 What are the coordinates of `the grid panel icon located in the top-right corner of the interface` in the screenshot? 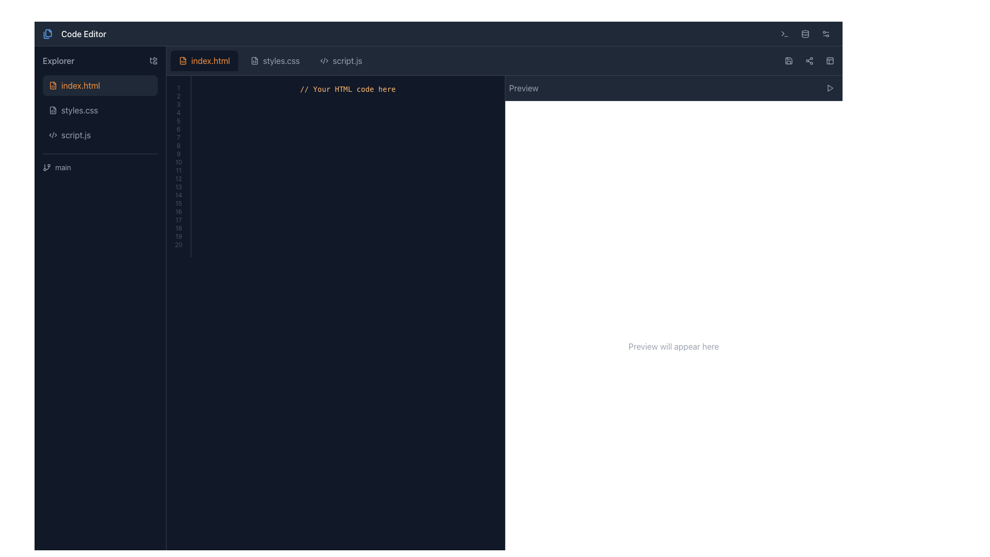 It's located at (830, 61).